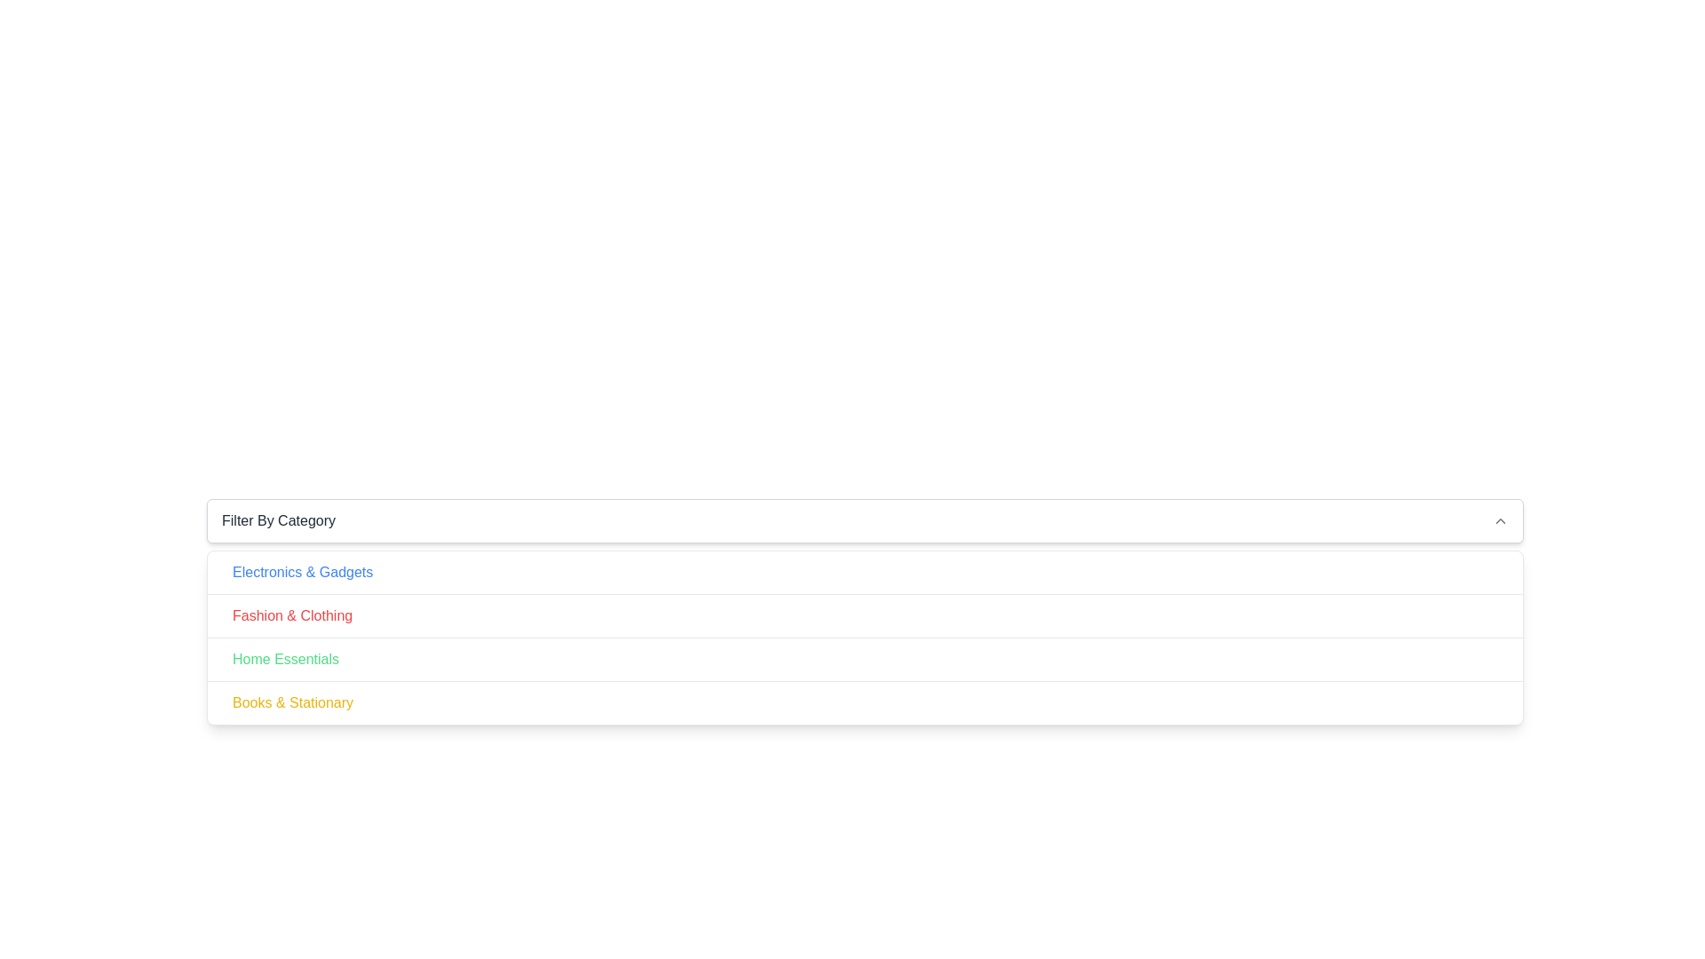 Image resolution: width=1705 pixels, height=959 pixels. What do you see at coordinates (1499, 519) in the screenshot?
I see `the chevron icon located at the top-right corner of the 'Filter By Category' section` at bounding box center [1499, 519].